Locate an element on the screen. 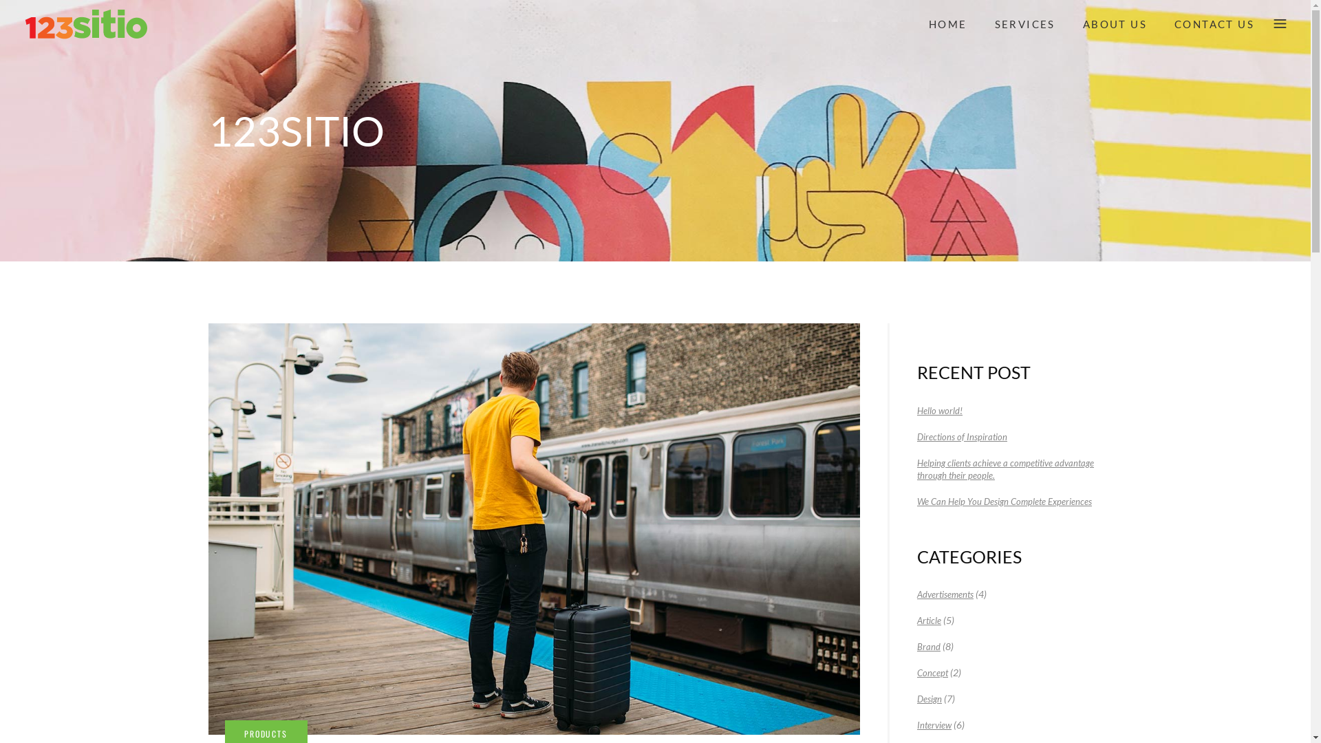 The image size is (1321, 743). 'Advertisements' is located at coordinates (917, 594).